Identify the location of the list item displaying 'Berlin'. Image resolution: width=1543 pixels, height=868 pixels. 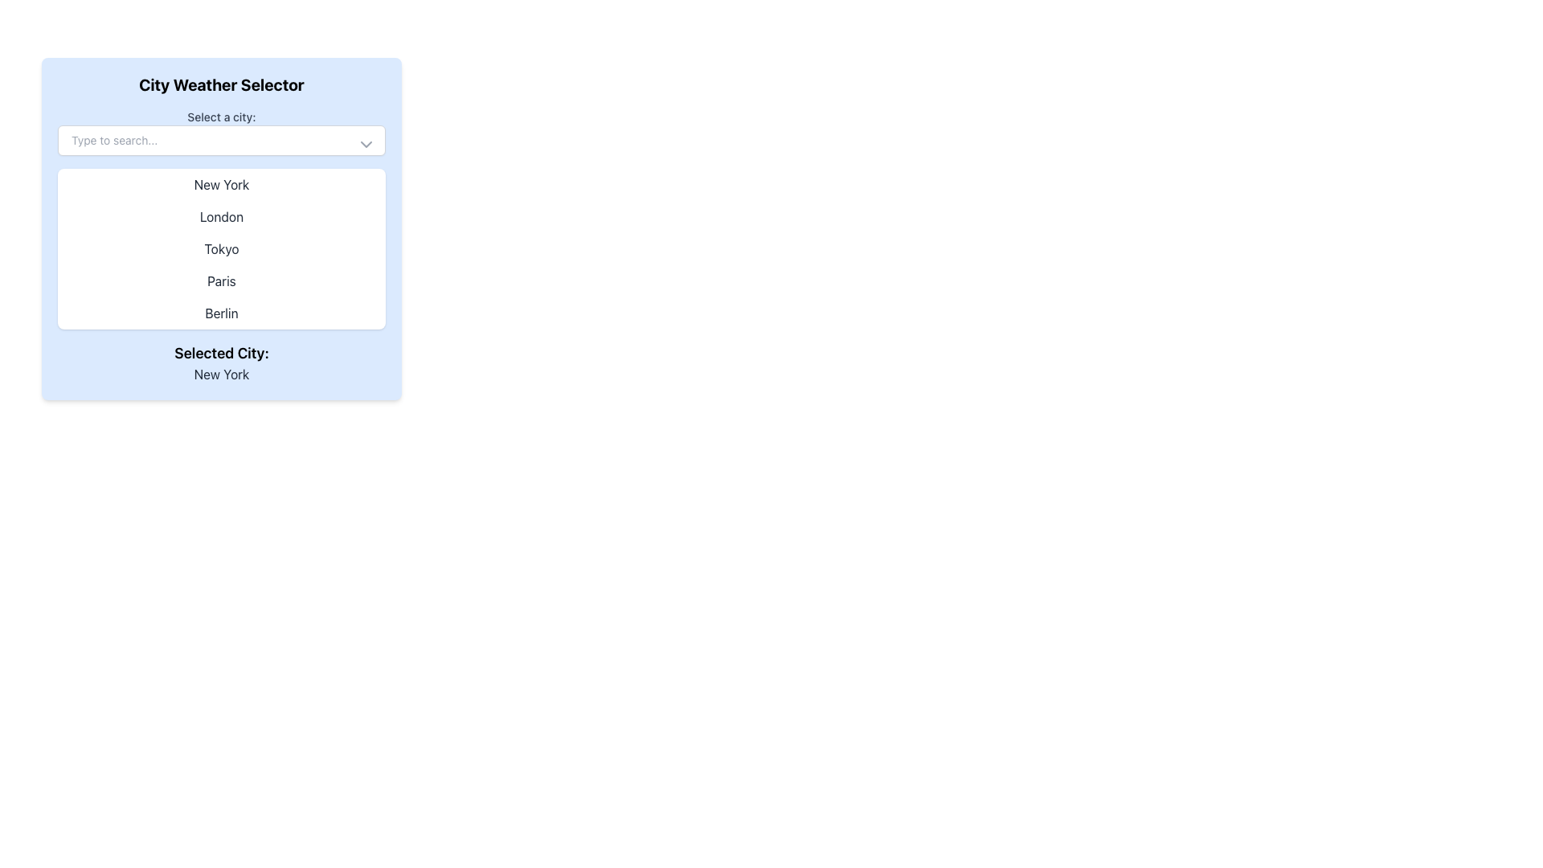
(220, 313).